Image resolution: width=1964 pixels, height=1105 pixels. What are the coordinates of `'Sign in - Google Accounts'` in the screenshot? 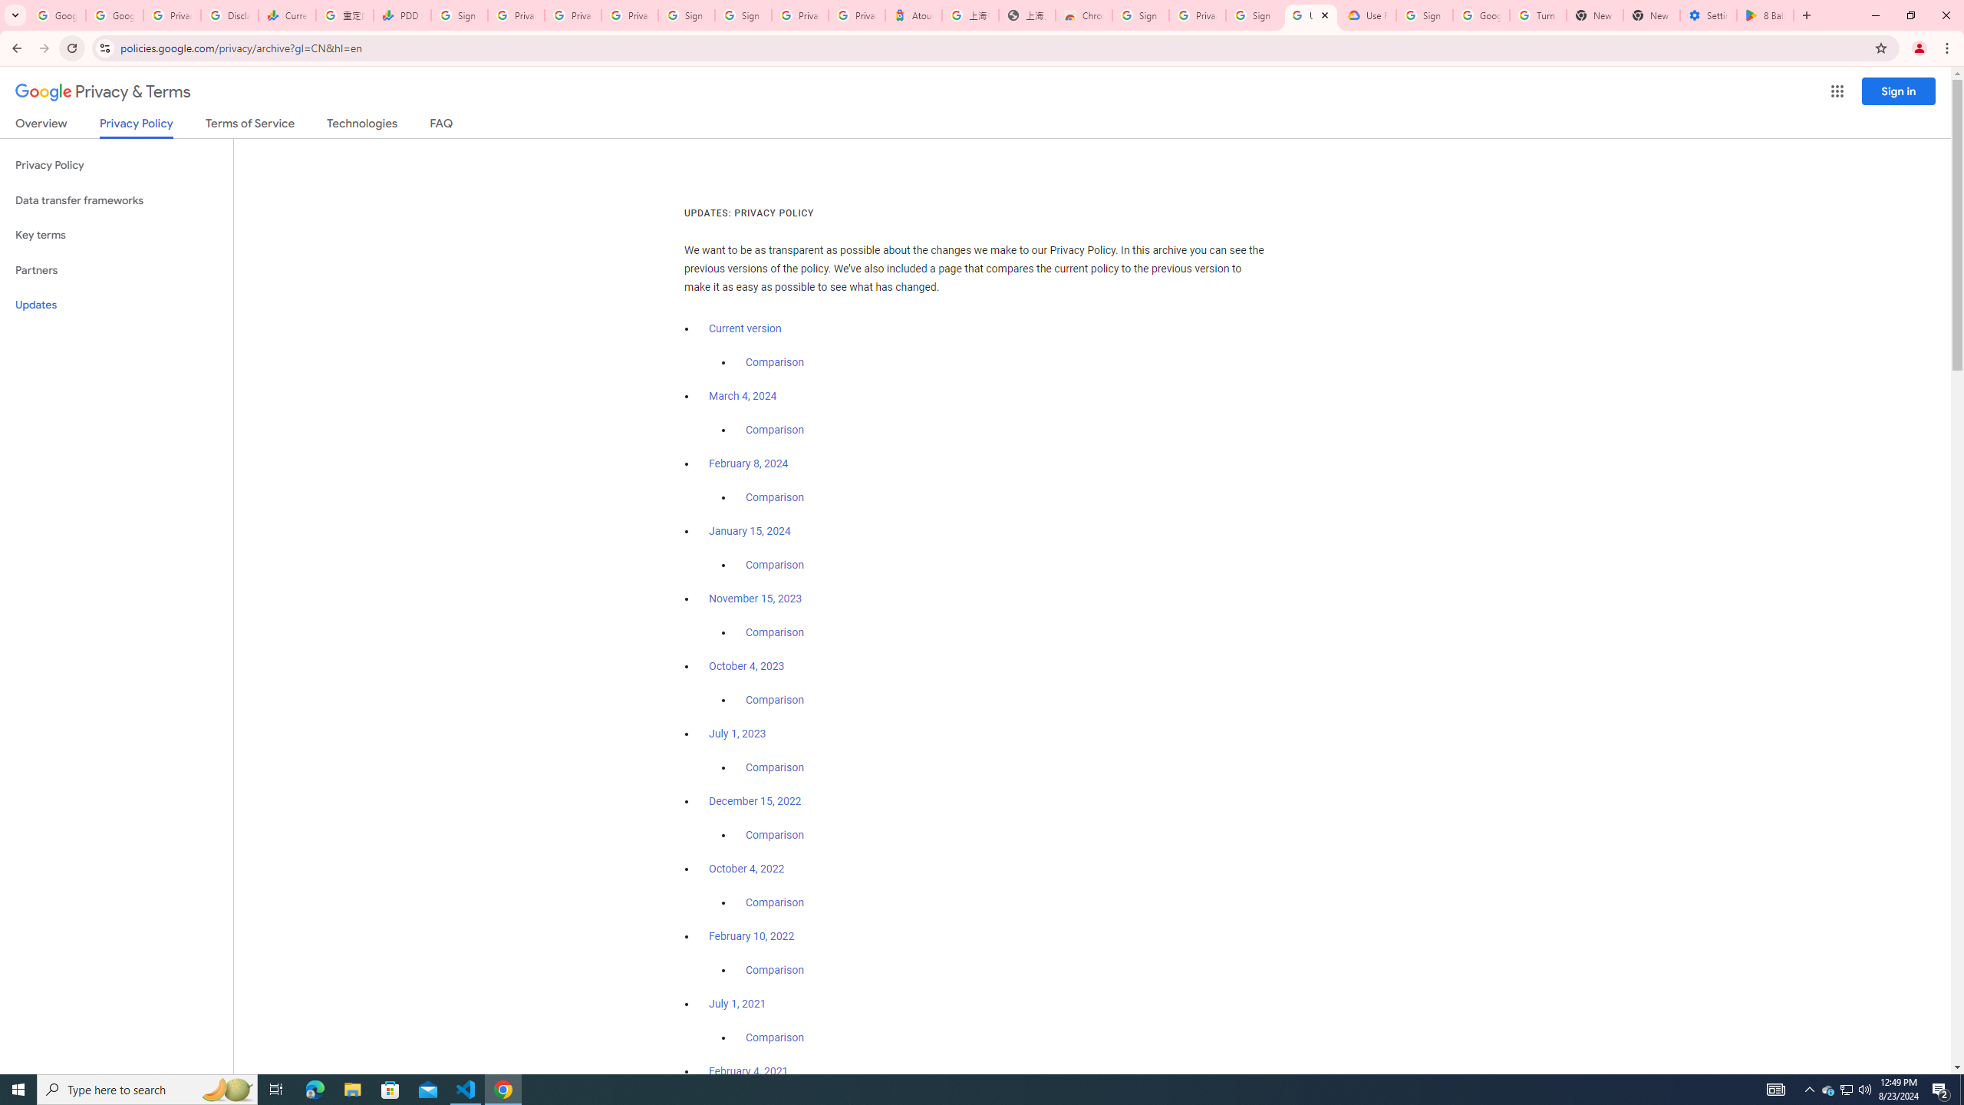 It's located at (687, 15).